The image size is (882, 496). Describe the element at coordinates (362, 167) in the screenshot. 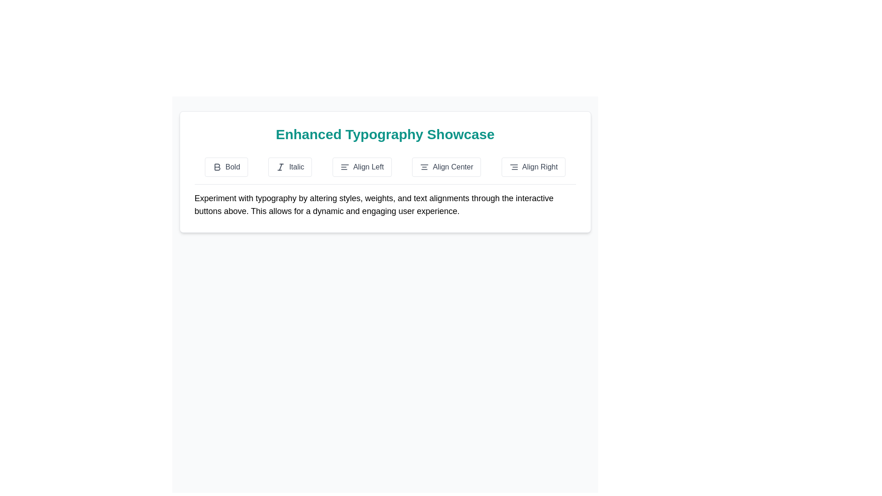

I see `the 'Align Left' button, which is the third button in the set of formatting options below 'Enhanced Typography Showcase', to align the selected text to the left` at that location.